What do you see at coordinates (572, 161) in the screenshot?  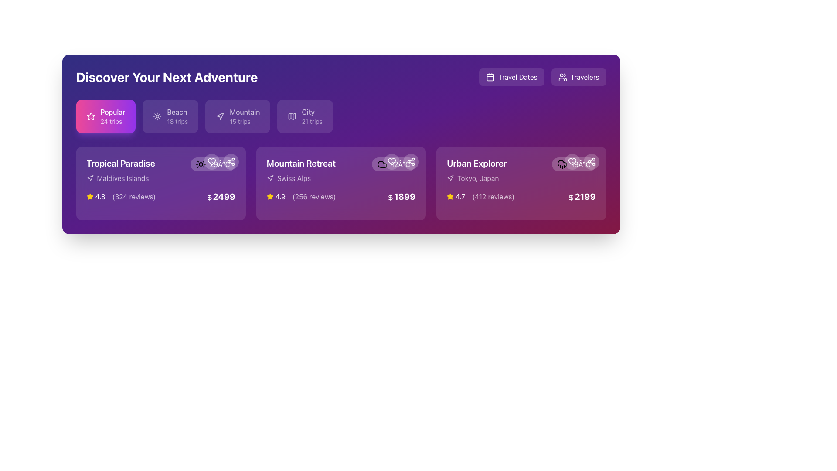 I see `the circular button with a semi-transparent white background and a white heart icon inside it, located in the row of buttons near the top-right corner of the 'Urban Explorer' card, specifically the second button from the left, to mark it as favorite` at bounding box center [572, 161].